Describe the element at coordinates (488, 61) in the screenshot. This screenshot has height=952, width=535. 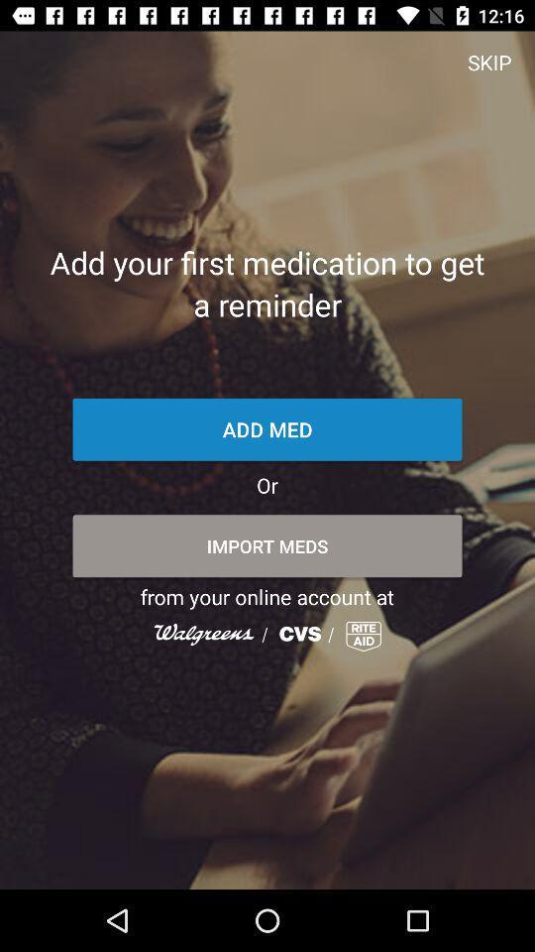
I see `skip item` at that location.